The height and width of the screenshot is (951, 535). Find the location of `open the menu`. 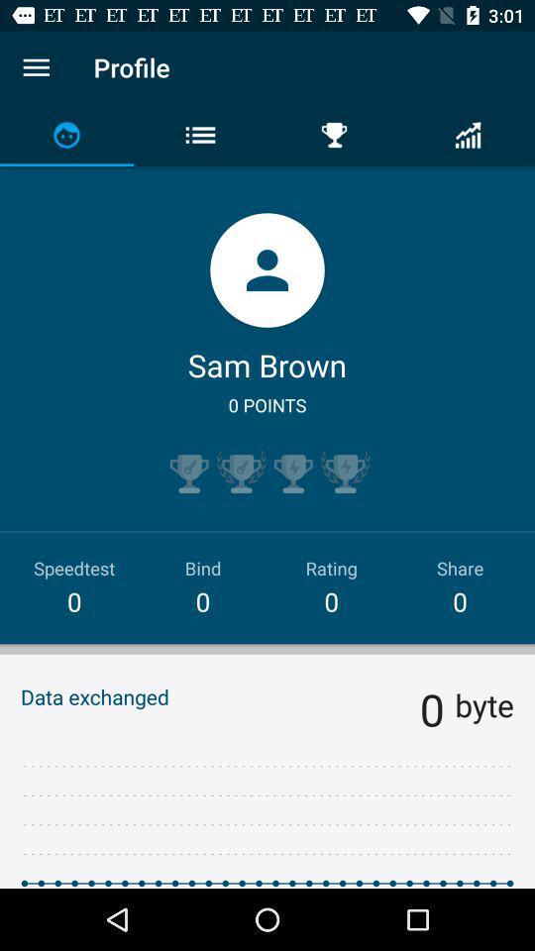

open the menu is located at coordinates (36, 67).